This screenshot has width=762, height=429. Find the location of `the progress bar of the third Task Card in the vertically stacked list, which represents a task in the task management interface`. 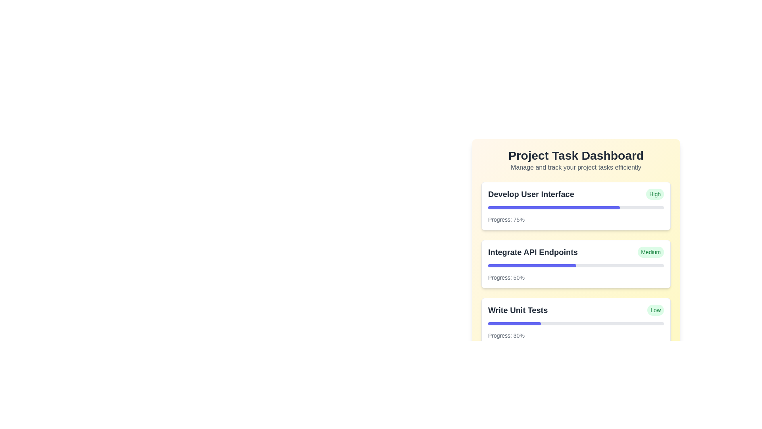

the progress bar of the third Task Card in the vertically stacked list, which represents a task in the task management interface is located at coordinates (576, 322).